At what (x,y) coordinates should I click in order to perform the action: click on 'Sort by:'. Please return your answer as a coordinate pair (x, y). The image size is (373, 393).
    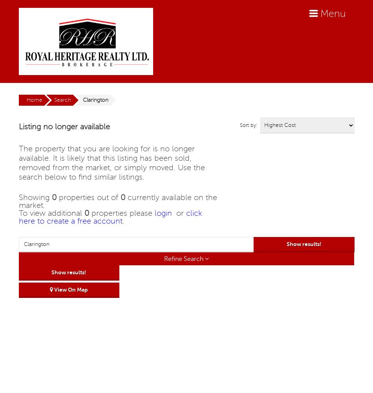
    Looking at the image, I should click on (248, 125).